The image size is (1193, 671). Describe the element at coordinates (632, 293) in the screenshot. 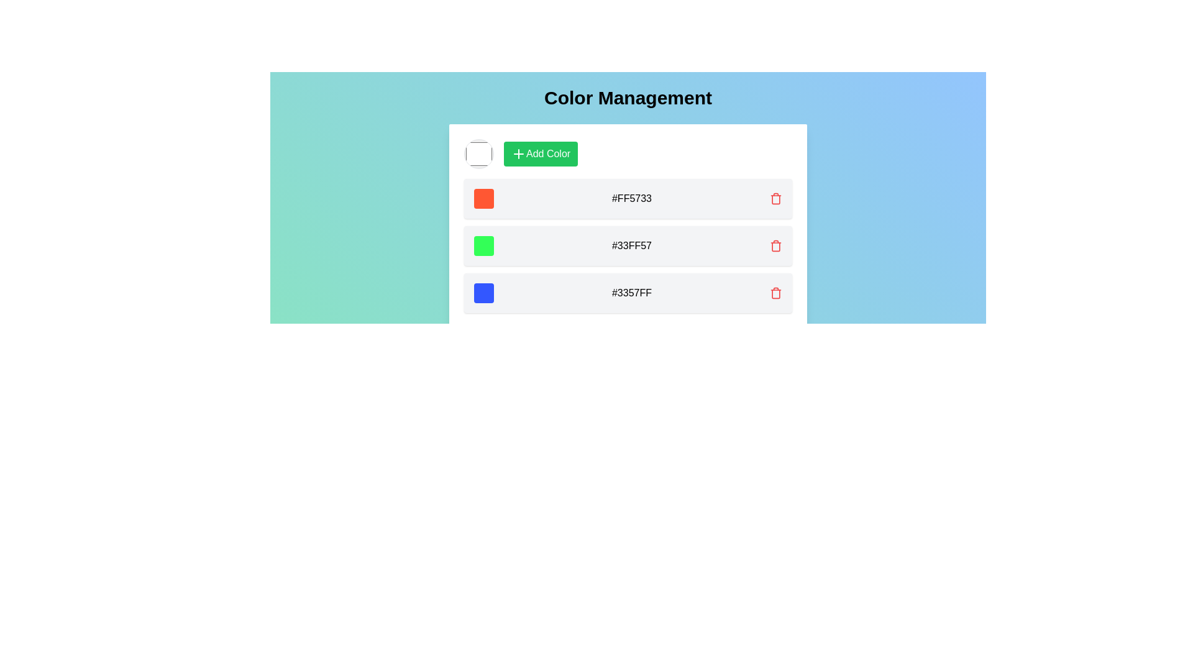

I see `the text display element that shows the hexadecimal color code, positioned between a blue color swatch and a red trash icon, representing the third color entry from the top` at that location.